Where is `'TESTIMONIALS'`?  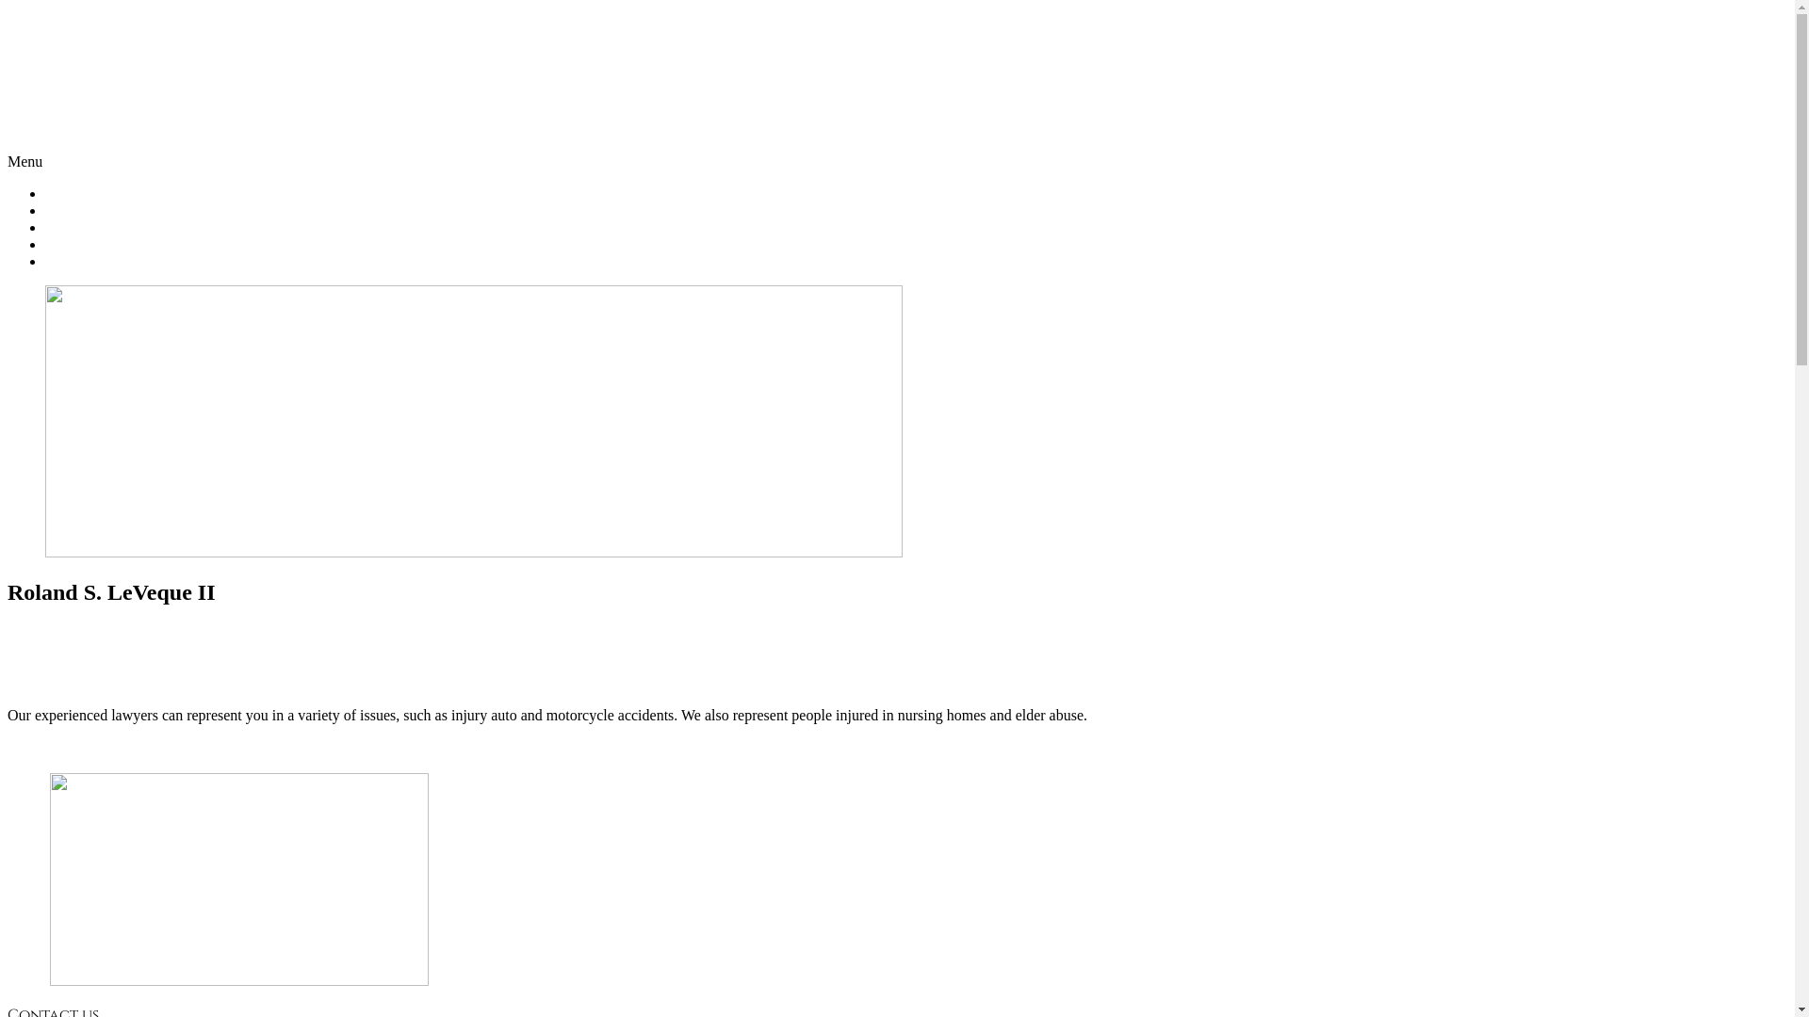
'TESTIMONIALS' is located at coordinates (98, 243).